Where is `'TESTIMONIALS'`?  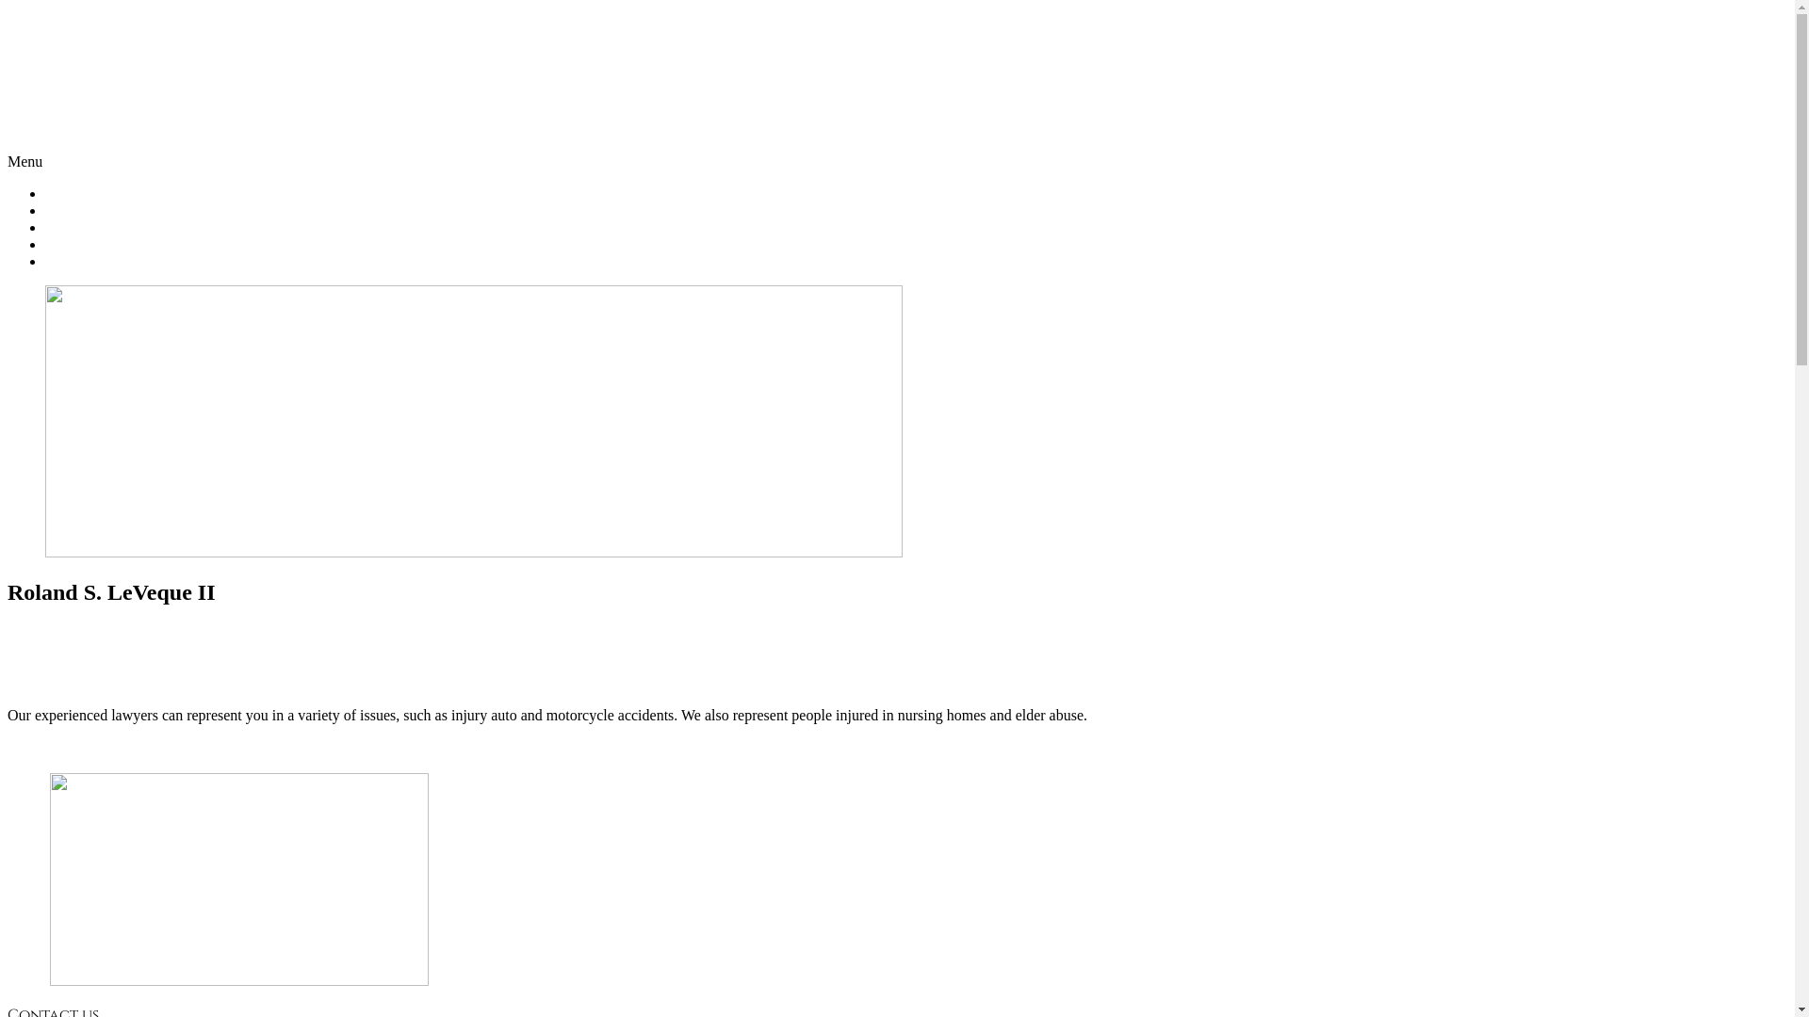
'TESTIMONIALS' is located at coordinates (98, 243).